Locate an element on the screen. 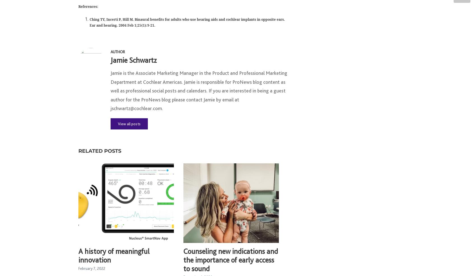 This screenshot has width=476, height=276. 'A history of meaningful innovation' is located at coordinates (113, 258).